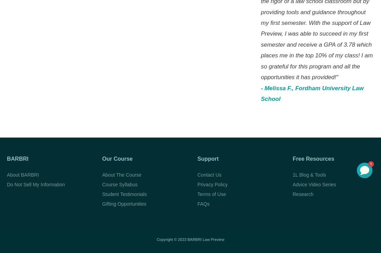 This screenshot has height=253, width=381. Describe the element at coordinates (211, 194) in the screenshot. I see `'Terms of Use'` at that location.